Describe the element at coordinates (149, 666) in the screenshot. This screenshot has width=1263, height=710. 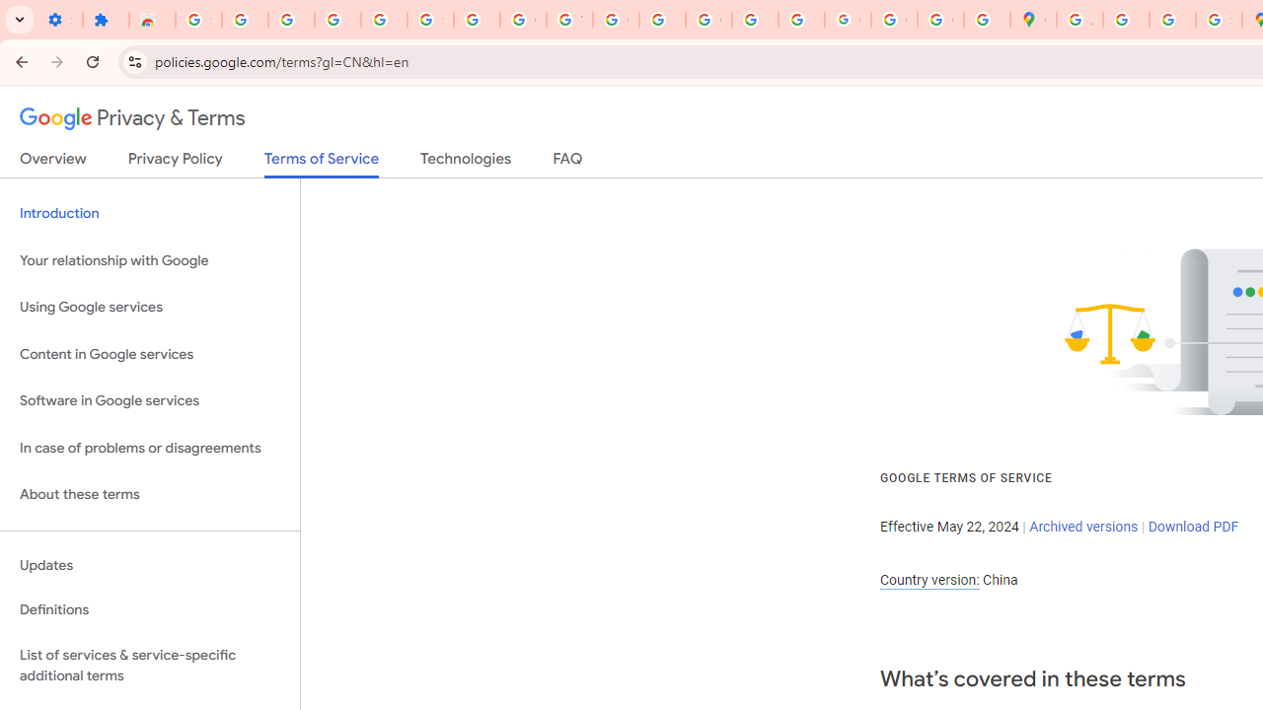
I see `'List of services & service-specific additional terms'` at that location.